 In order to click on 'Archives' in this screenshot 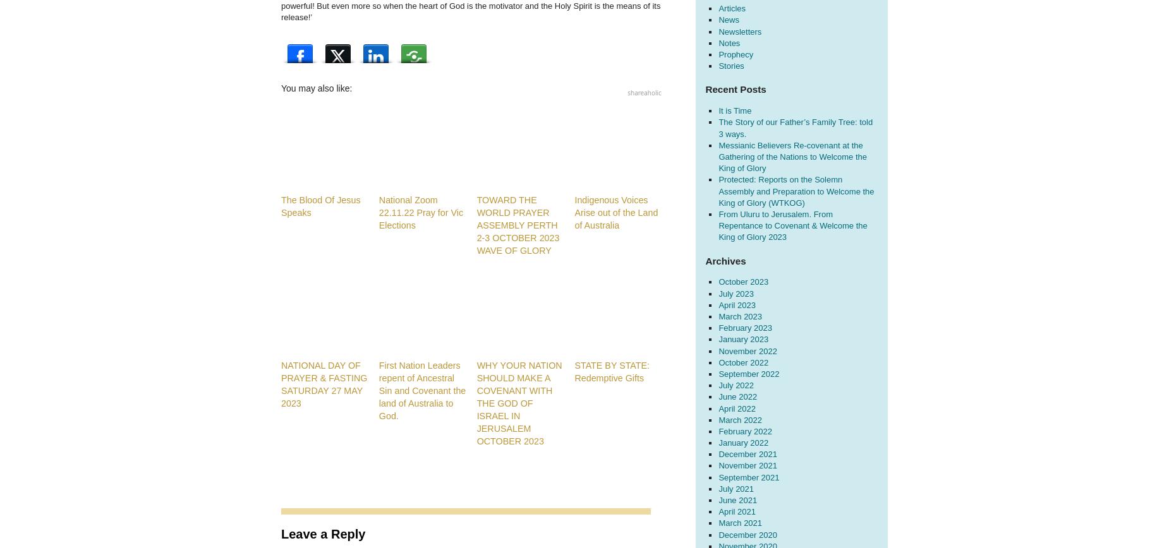, I will do `click(724, 260)`.